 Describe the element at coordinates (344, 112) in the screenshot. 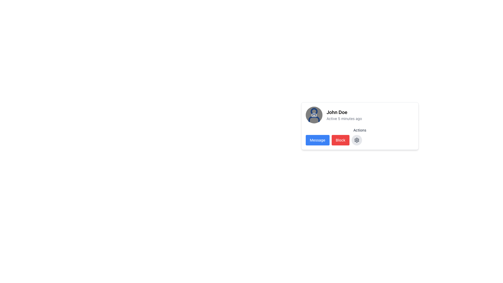

I see `the text label displaying 'John Doe' in bold, black font, which is located prominently at the top of the user profile section, above the smaller label indicating the user's last activity status` at that location.